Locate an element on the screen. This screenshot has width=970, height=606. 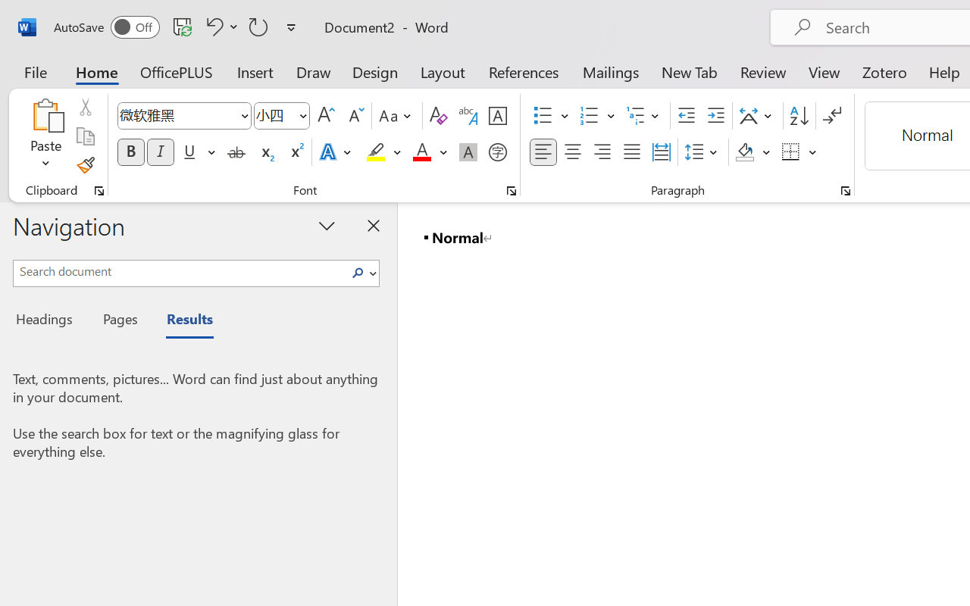
'Multilevel List' is located at coordinates (644, 116).